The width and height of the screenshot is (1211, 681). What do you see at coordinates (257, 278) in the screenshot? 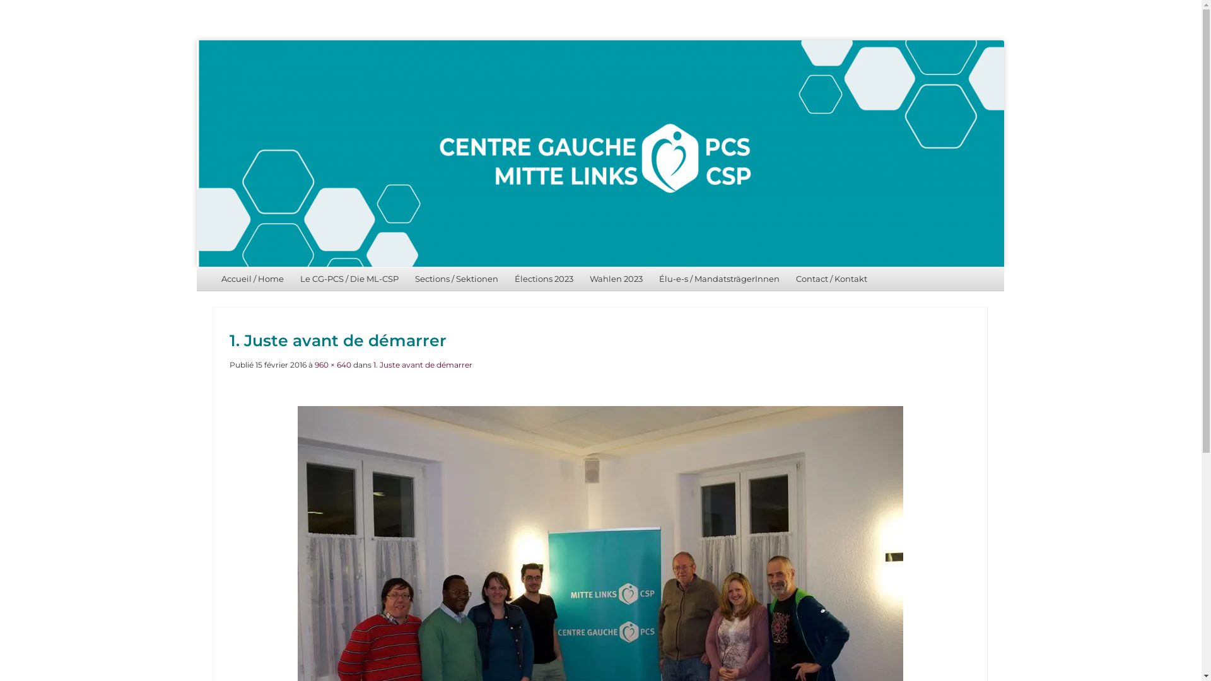
I see `'Aller au contenu principal'` at bounding box center [257, 278].